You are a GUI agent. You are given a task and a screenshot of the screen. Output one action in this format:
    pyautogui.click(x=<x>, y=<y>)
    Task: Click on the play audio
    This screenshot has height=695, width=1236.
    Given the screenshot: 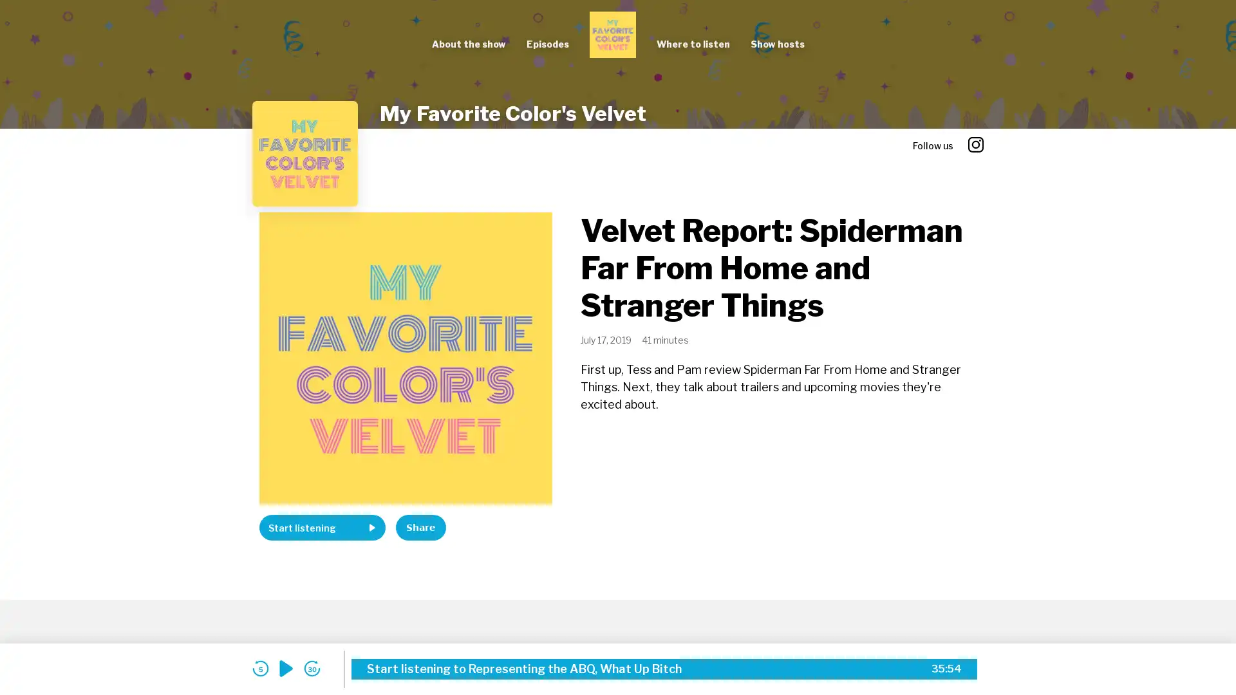 What is the action you would take?
    pyautogui.click(x=286, y=668)
    